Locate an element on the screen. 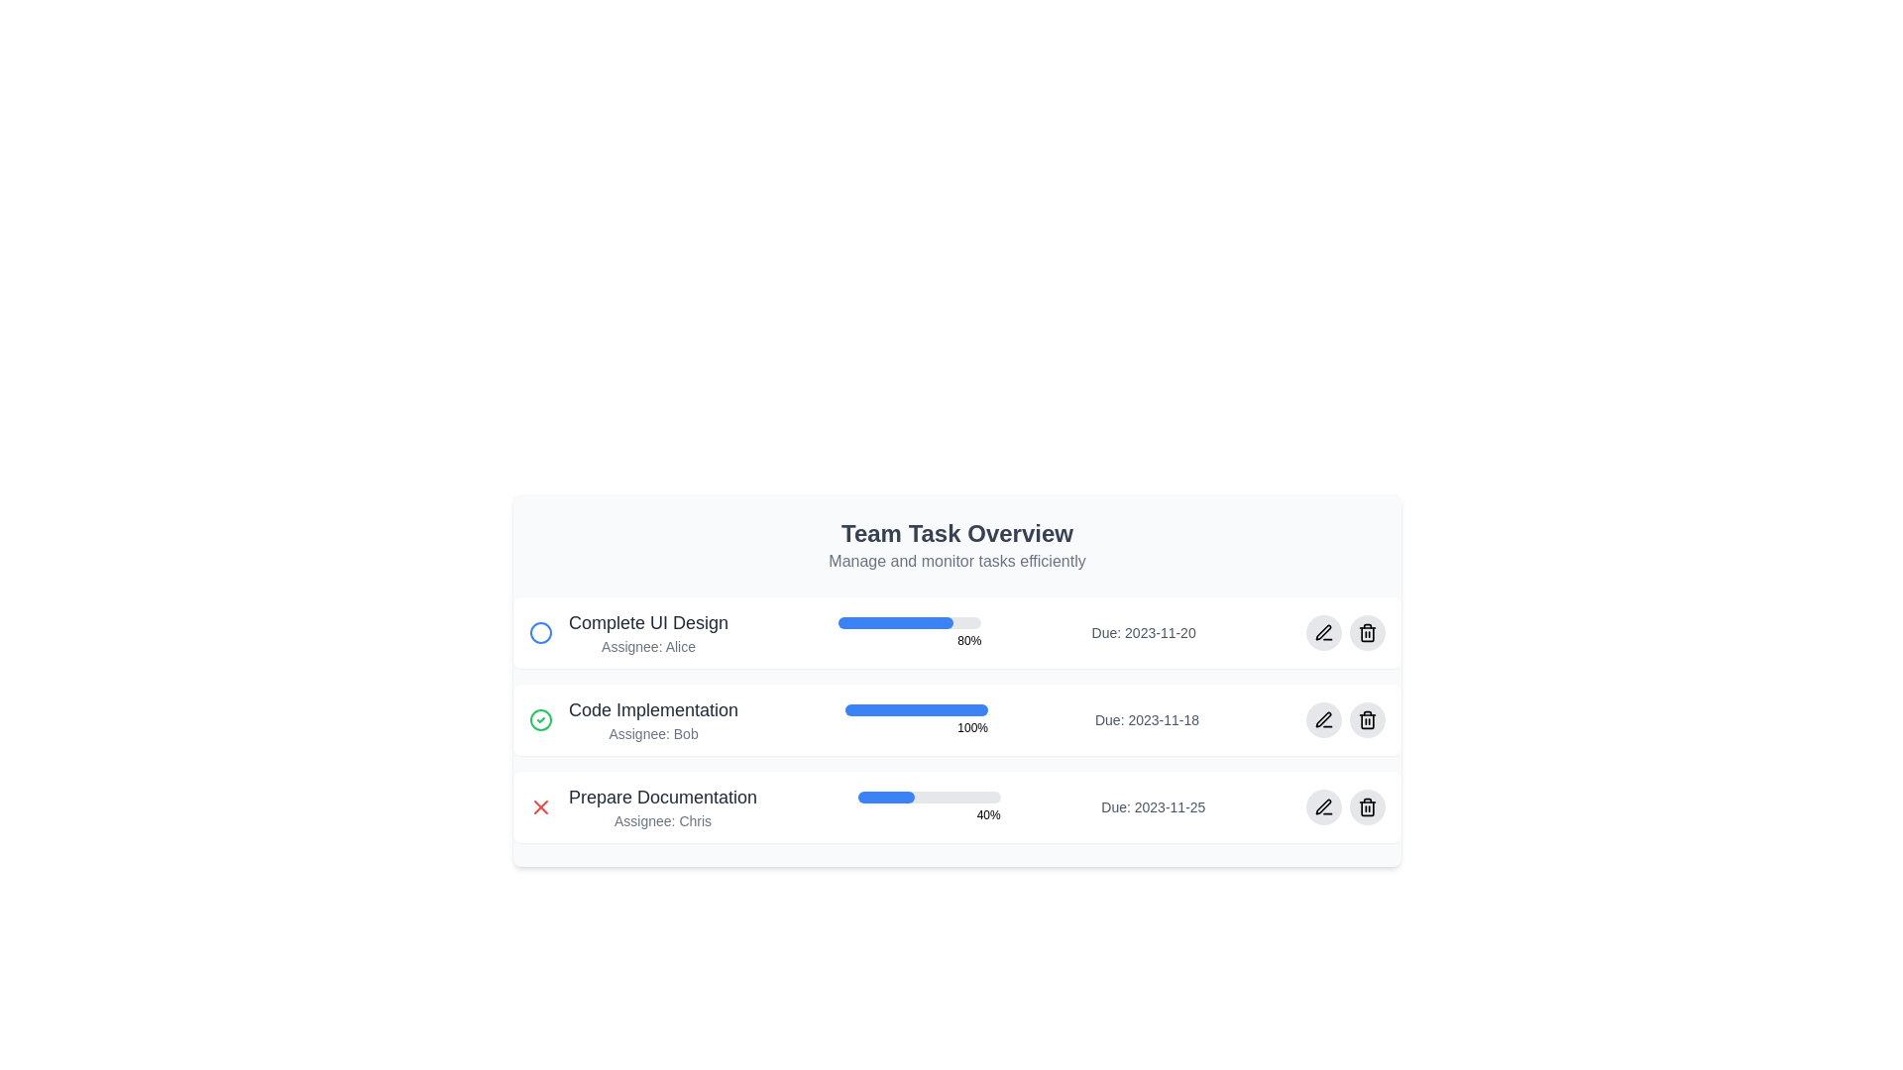 Image resolution: width=1903 pixels, height=1070 pixels. percentage value displayed on the progress bar located in the second column of the task row titled 'Complete UI Design', which is centrally aligned within its row is located at coordinates (909, 633).